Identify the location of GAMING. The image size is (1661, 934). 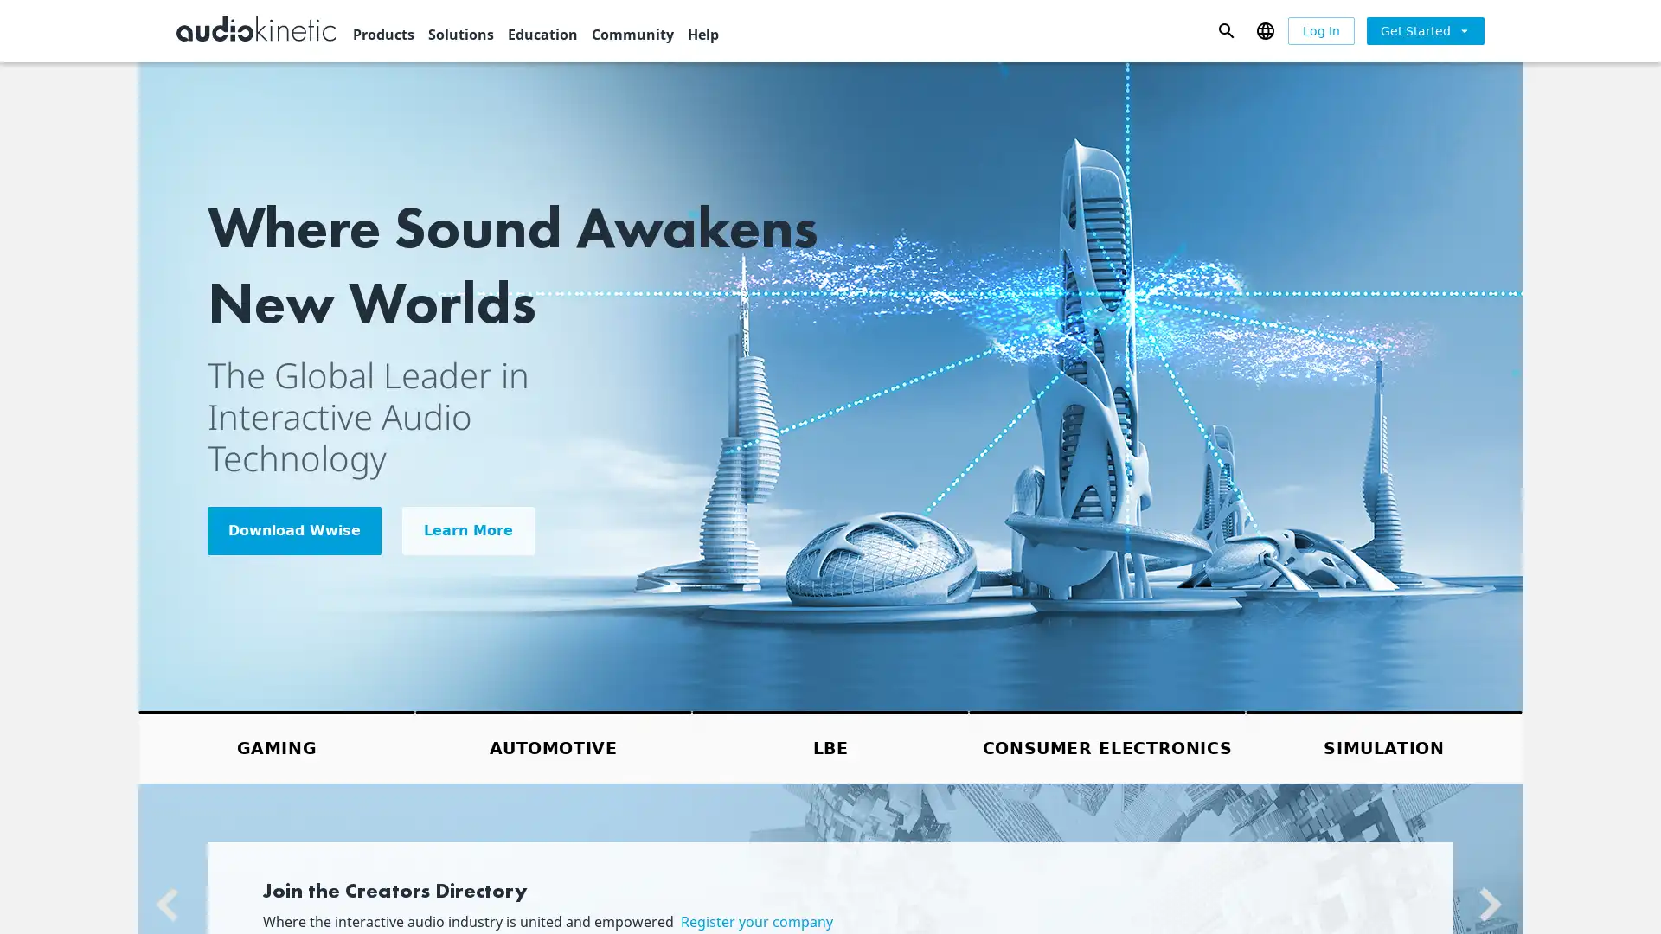
(277, 745).